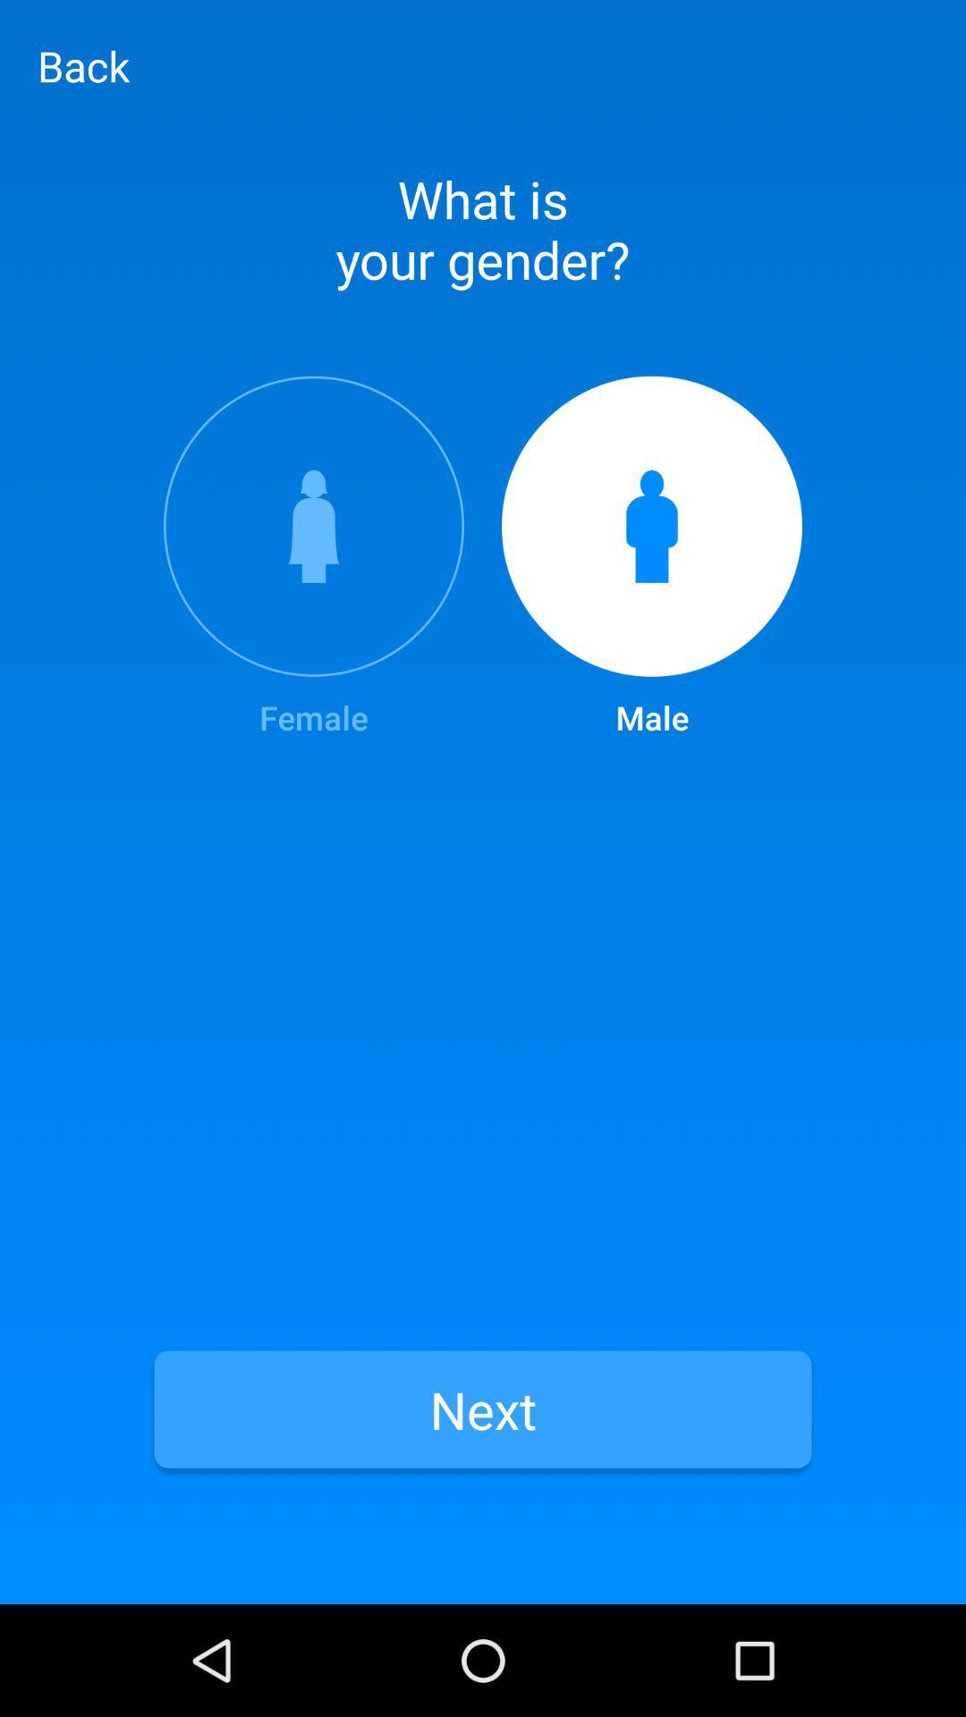 The width and height of the screenshot is (966, 1717). What do you see at coordinates (313, 557) in the screenshot?
I see `the female` at bounding box center [313, 557].